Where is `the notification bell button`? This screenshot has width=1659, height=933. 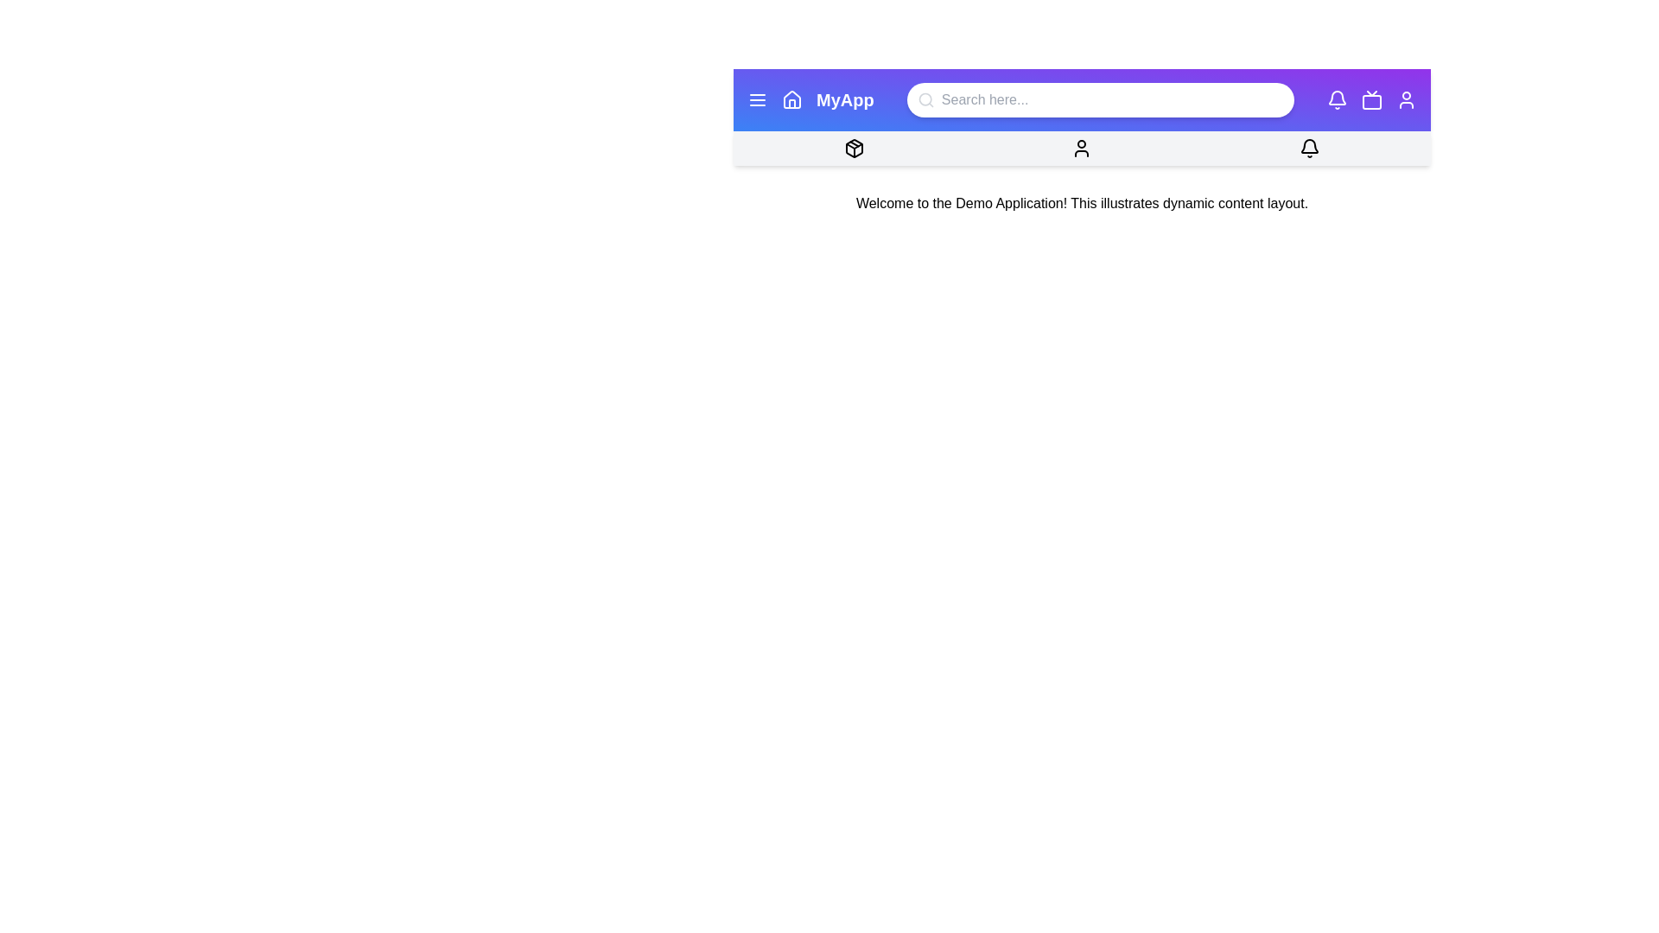 the notification bell button is located at coordinates (1335, 99).